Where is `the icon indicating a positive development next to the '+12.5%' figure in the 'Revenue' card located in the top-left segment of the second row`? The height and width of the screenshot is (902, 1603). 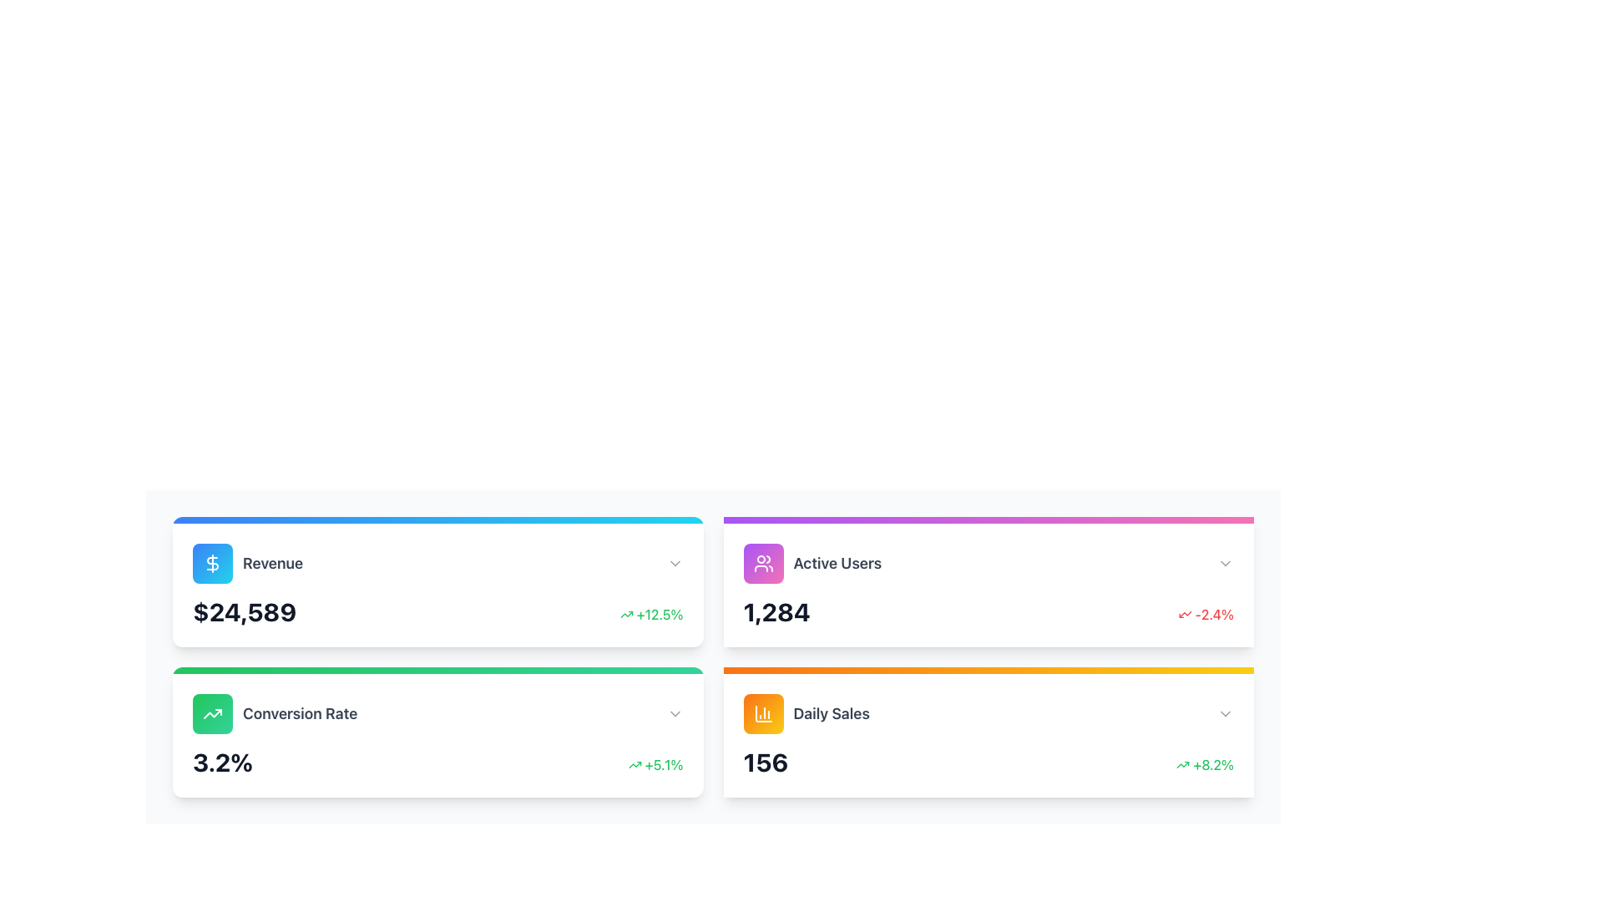
the icon indicating a positive development next to the '+12.5%' figure in the 'Revenue' card located in the top-left segment of the second row is located at coordinates (625, 615).